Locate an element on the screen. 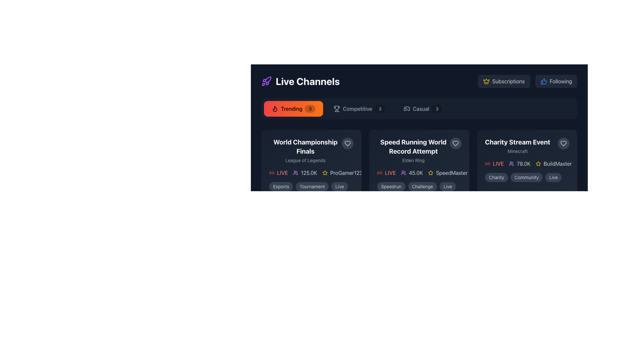 The width and height of the screenshot is (628, 353). the non-interactive text label displaying 'Elden Ring', which is positioned below the title 'Speed Running World Record Attempt' in the second card of three horizontal cards is located at coordinates (413, 160).